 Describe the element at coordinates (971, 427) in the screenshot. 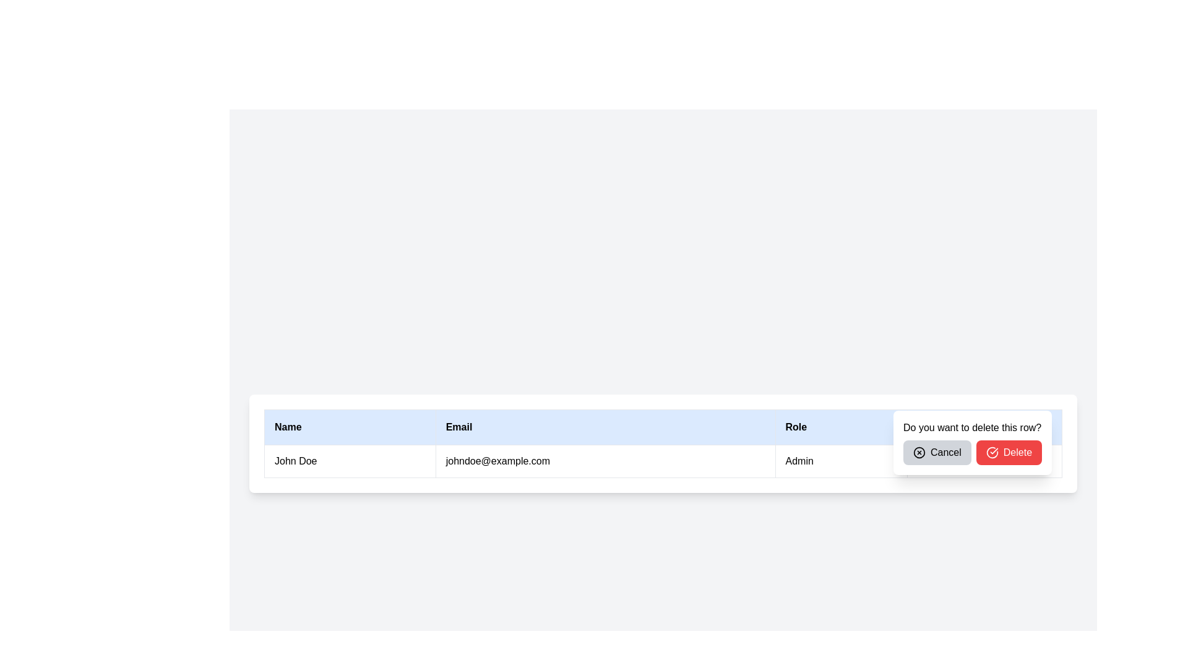

I see `bold static text message that asks, 'Do you want to delete this row?' which is prominently displayed at the top of the pop-up dialog box` at that location.